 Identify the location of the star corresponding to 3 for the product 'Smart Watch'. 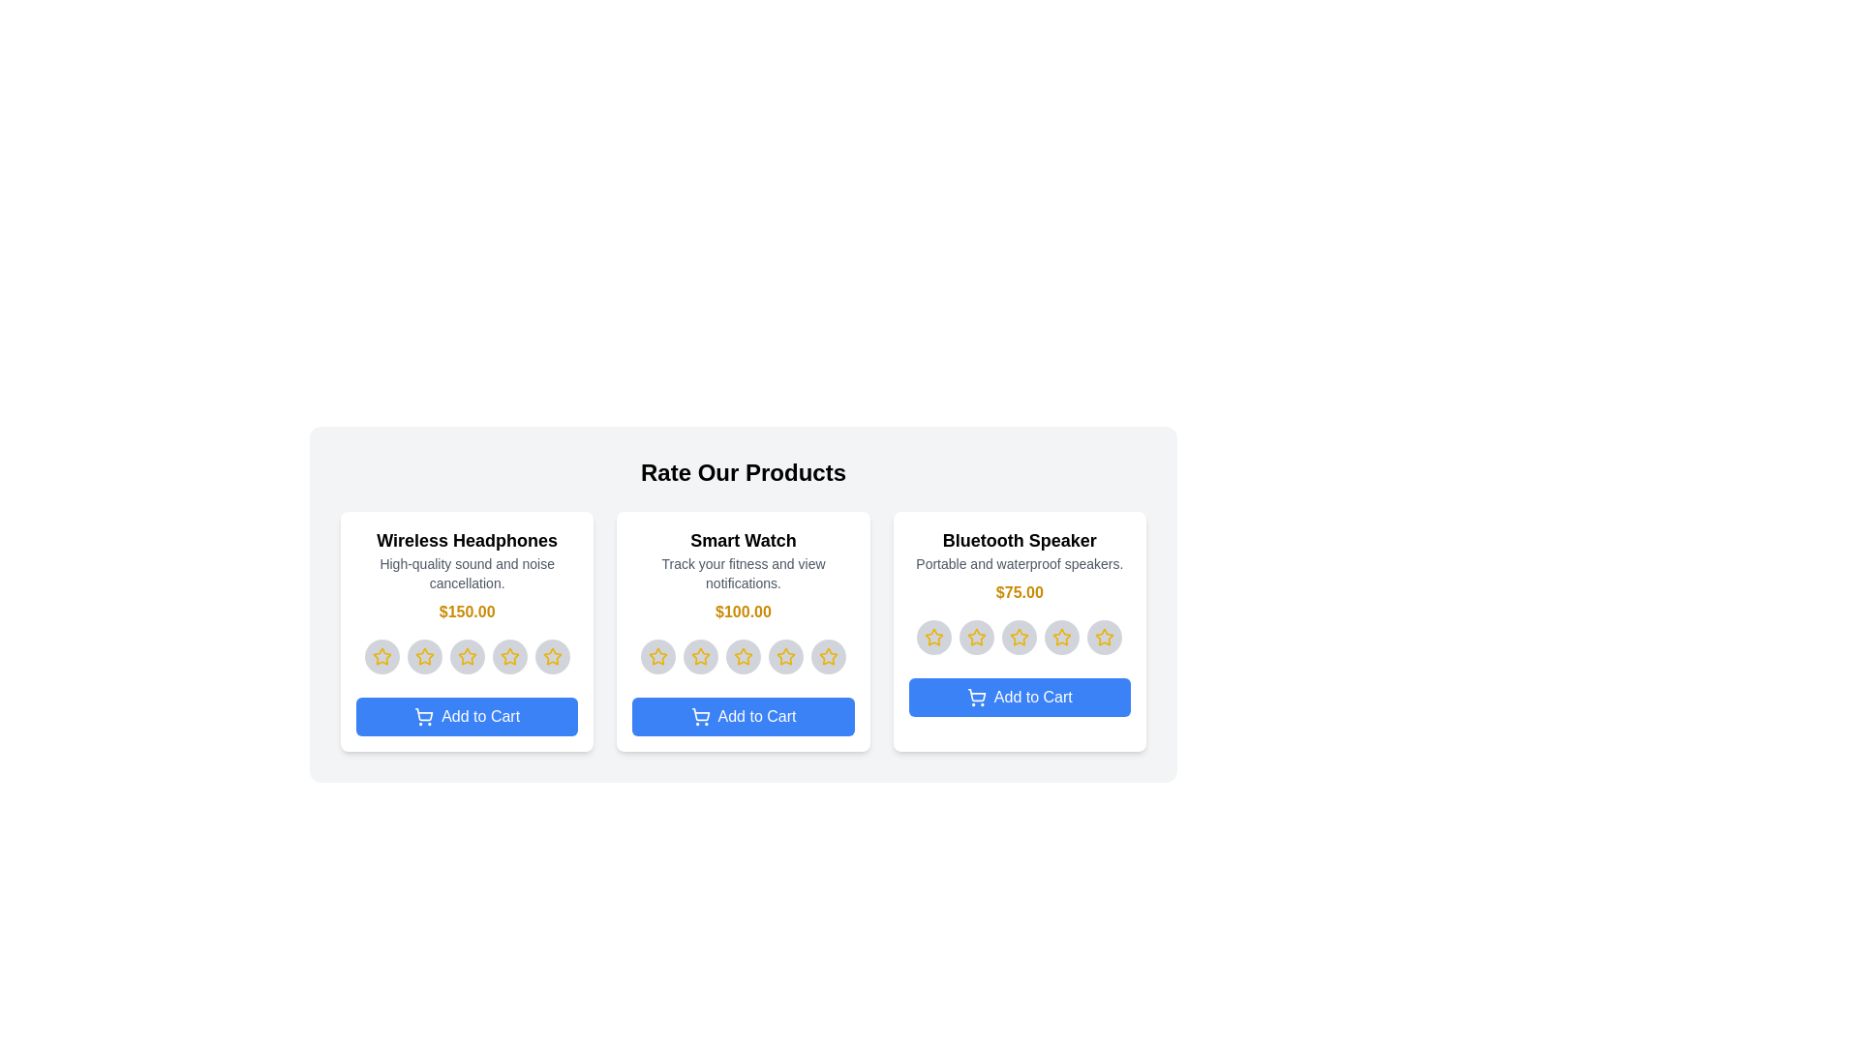
(743, 655).